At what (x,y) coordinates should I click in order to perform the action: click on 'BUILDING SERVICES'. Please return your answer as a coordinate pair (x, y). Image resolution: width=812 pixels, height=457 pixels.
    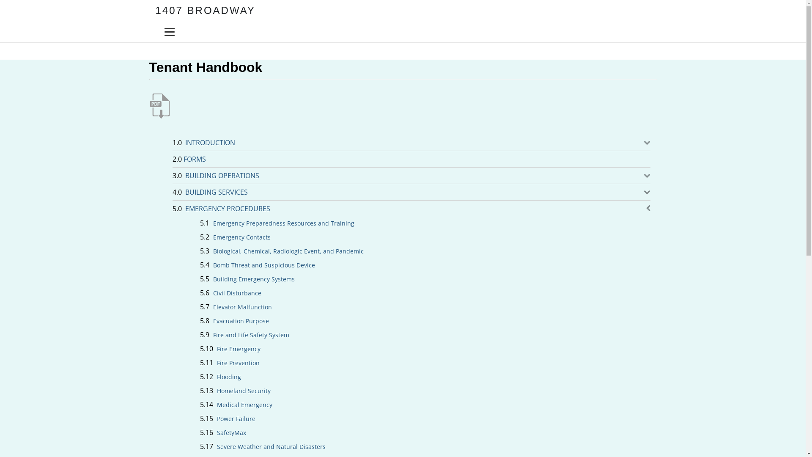
    Looking at the image, I should click on (219, 192).